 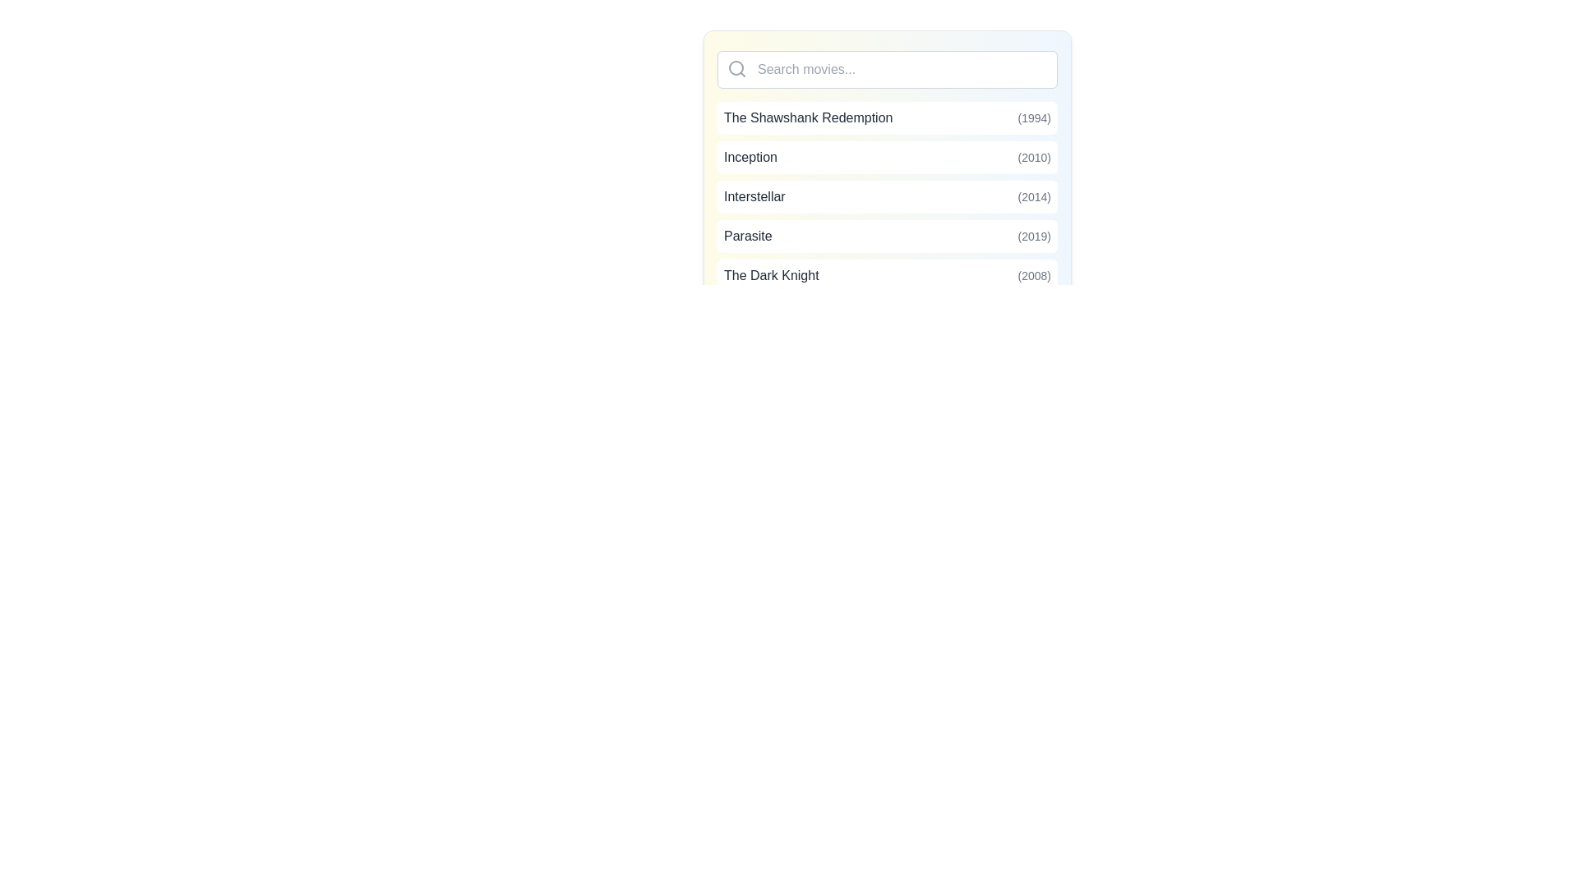 I want to click on the selectable movie item in the third slot of the vertical list, so click(x=887, y=195).